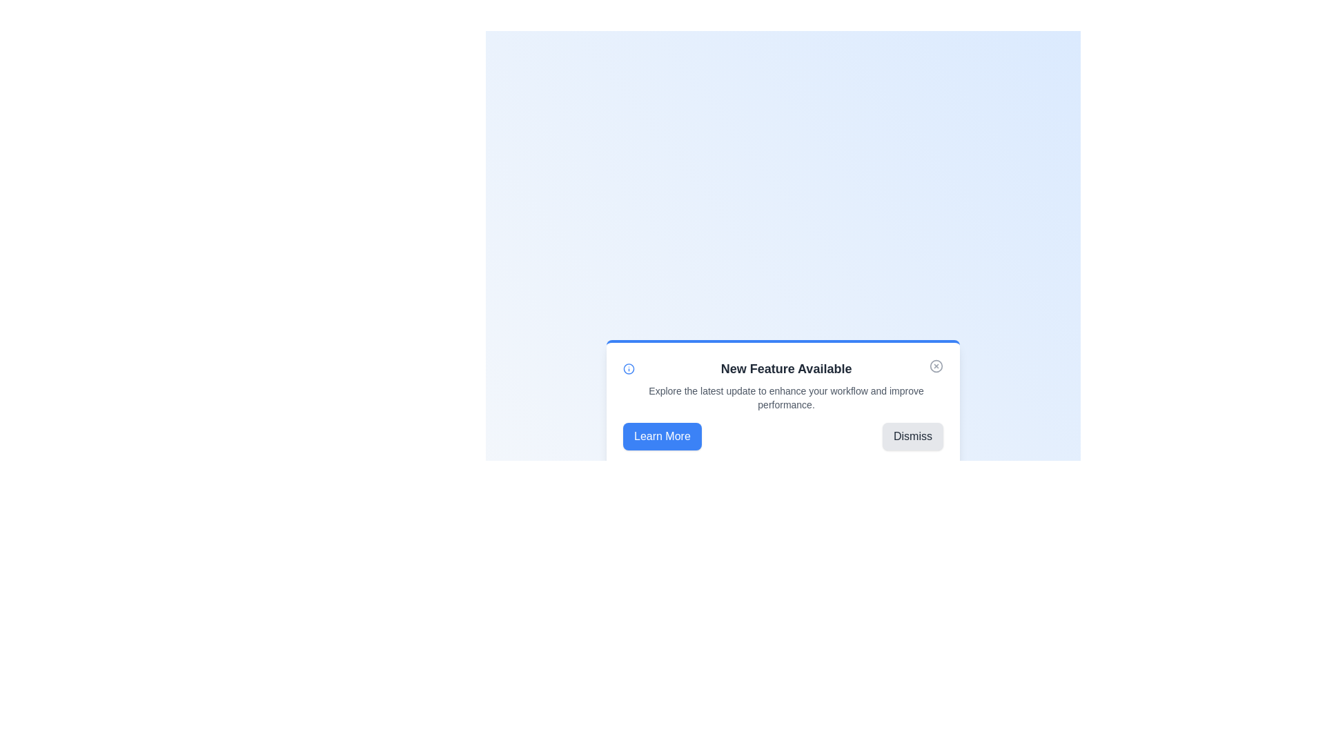 The image size is (1325, 745). What do you see at coordinates (913, 436) in the screenshot?
I see `the 'Dismiss' button to close the alert` at bounding box center [913, 436].